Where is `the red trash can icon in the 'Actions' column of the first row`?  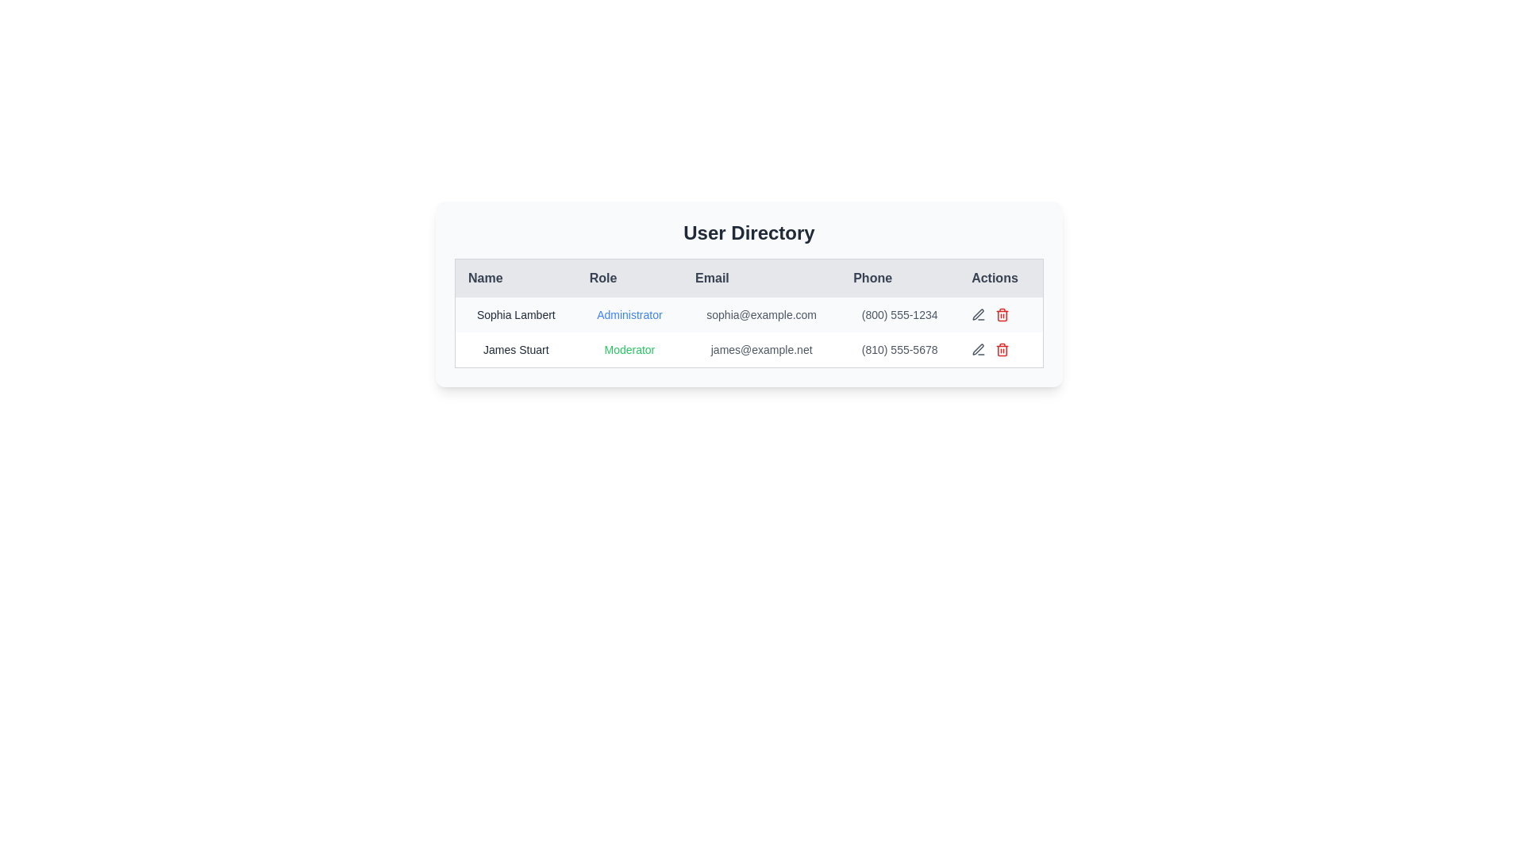
the red trash can icon in the 'Actions' column of the first row is located at coordinates (1000, 315).